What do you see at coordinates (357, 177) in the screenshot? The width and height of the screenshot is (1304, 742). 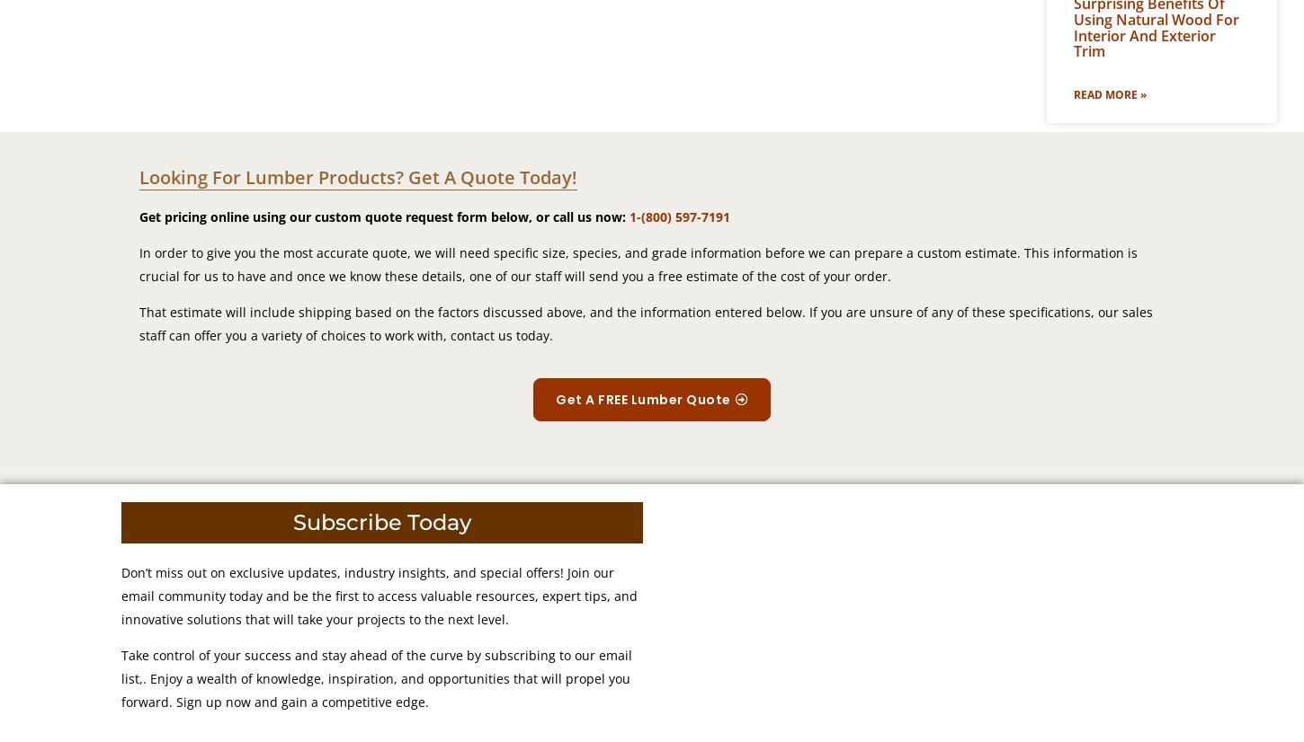 I see `'Looking For Lumber Products? Get A Quote Today!'` at bounding box center [357, 177].